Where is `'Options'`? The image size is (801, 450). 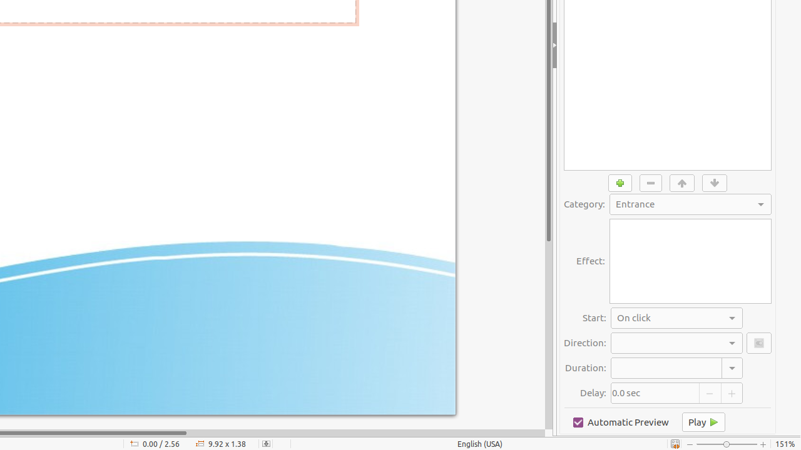 'Options' is located at coordinates (758, 343).